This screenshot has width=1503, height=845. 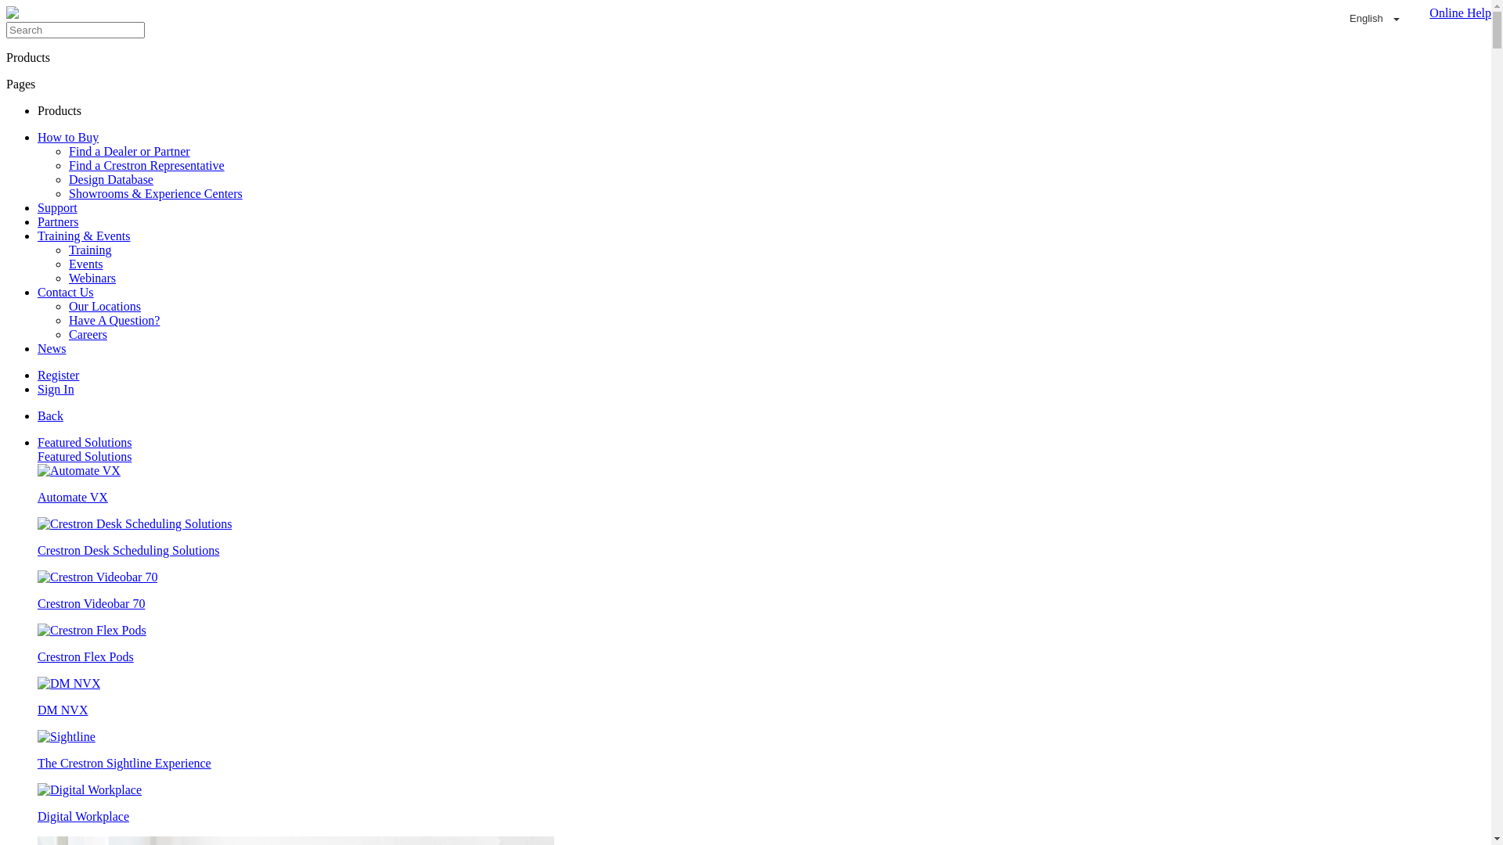 What do you see at coordinates (113, 319) in the screenshot?
I see `'Have A Question?'` at bounding box center [113, 319].